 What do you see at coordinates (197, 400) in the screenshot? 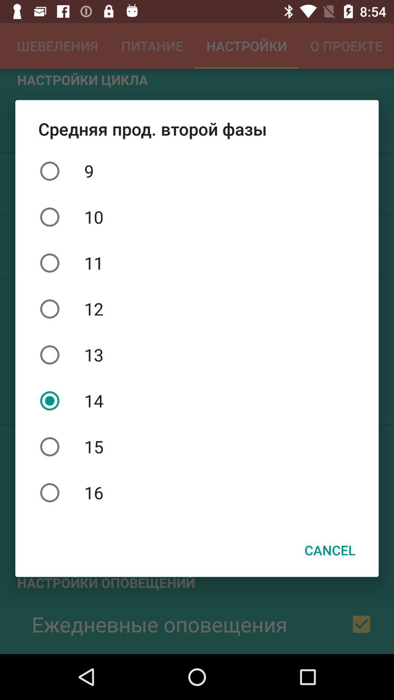
I see `the 14 icon` at bounding box center [197, 400].